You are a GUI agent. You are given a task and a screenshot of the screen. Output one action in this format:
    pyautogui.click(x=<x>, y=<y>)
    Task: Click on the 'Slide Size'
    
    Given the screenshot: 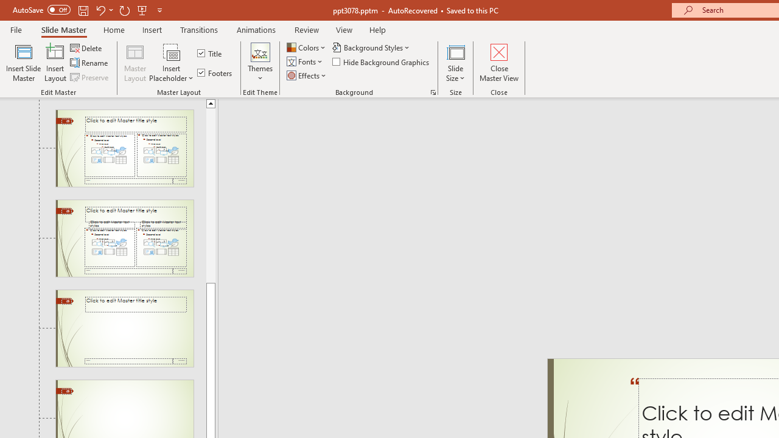 What is the action you would take?
    pyautogui.click(x=455, y=63)
    